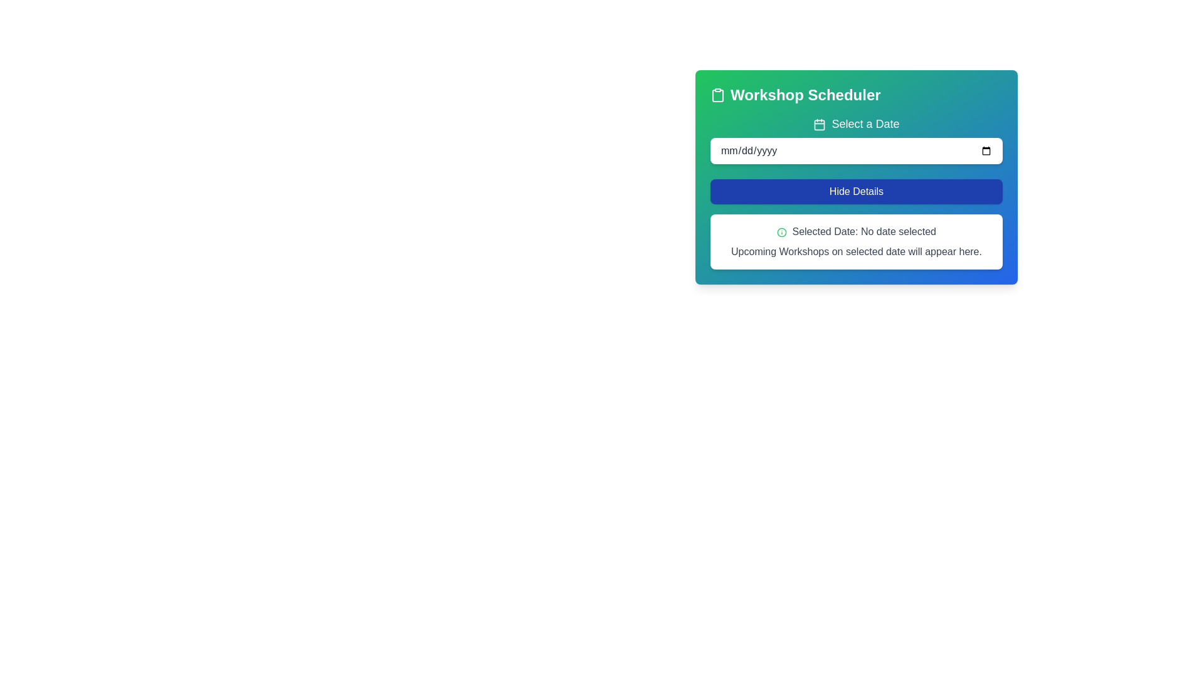  I want to click on the calendar icon located to the left of the label in the date input field beneath the 'Workshop Scheduler' title, so click(856, 140).